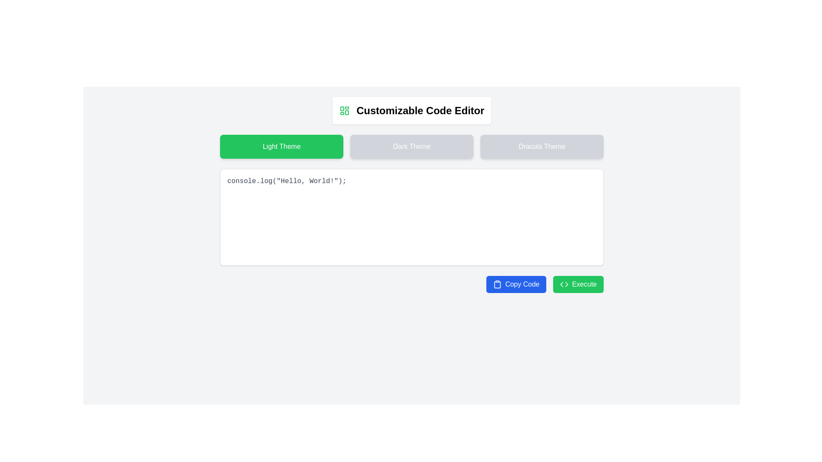  I want to click on the 'Dark Theme' button, which is a rectangular button with a light gray background that turns green on hover, located below the 'Customizable Code Editor' header, so click(411, 146).